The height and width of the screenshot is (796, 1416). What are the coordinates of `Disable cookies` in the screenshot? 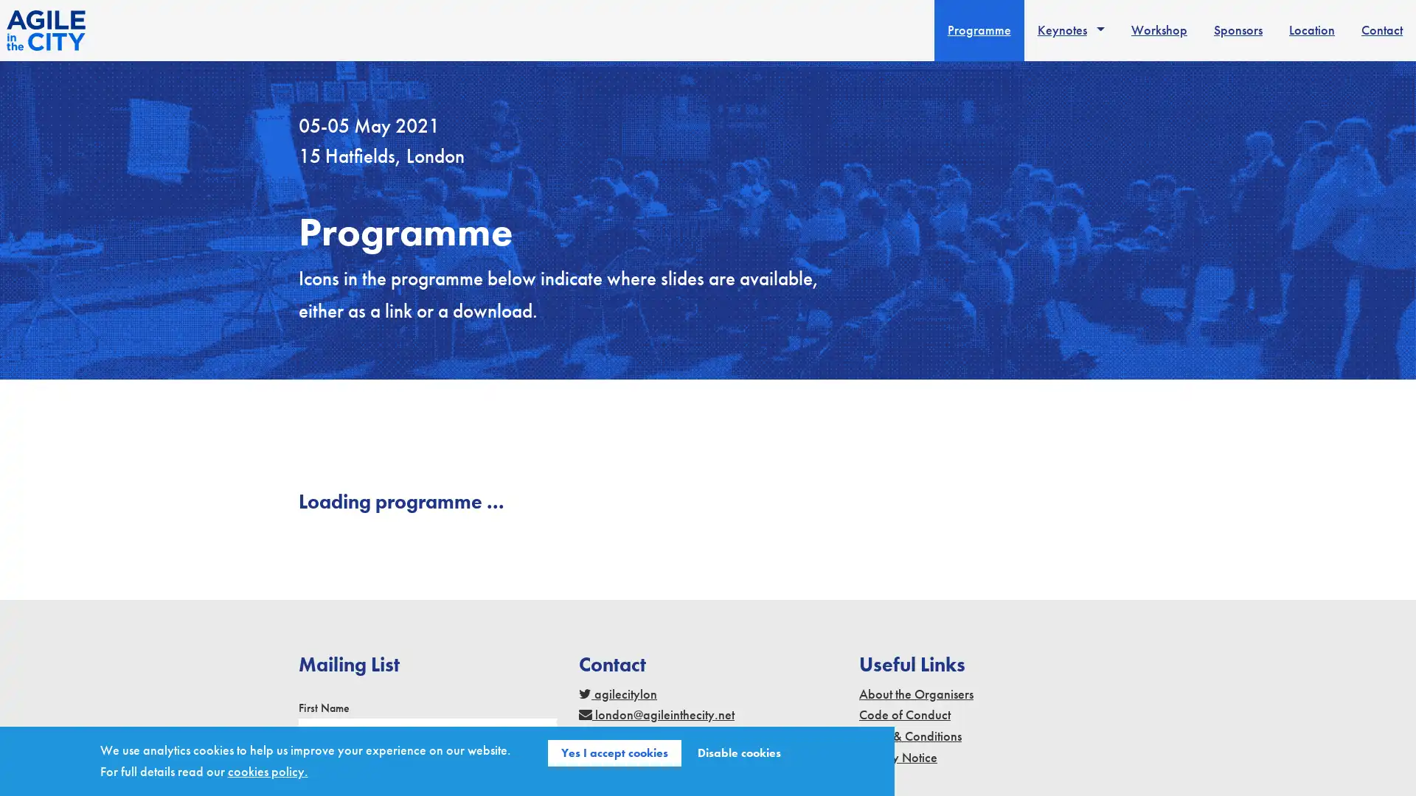 It's located at (739, 753).